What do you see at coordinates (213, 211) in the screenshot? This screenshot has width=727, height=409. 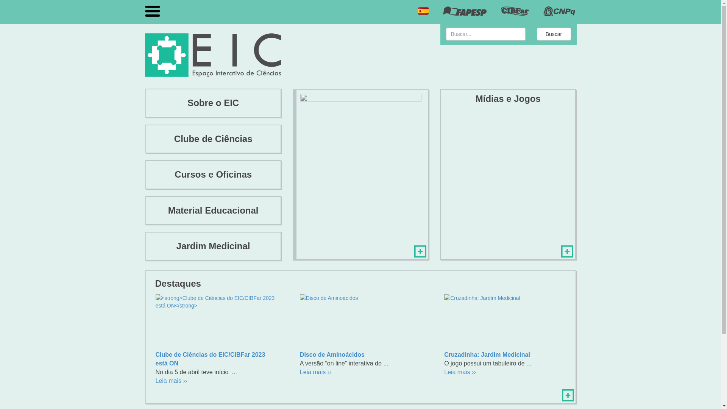 I see `'Material Educacional'` at bounding box center [213, 211].